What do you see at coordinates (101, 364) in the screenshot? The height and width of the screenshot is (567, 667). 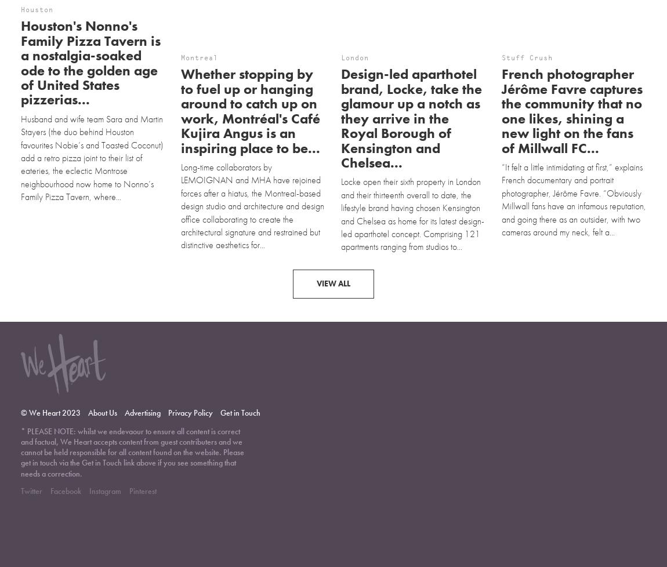 I see `'About Us'` at bounding box center [101, 364].